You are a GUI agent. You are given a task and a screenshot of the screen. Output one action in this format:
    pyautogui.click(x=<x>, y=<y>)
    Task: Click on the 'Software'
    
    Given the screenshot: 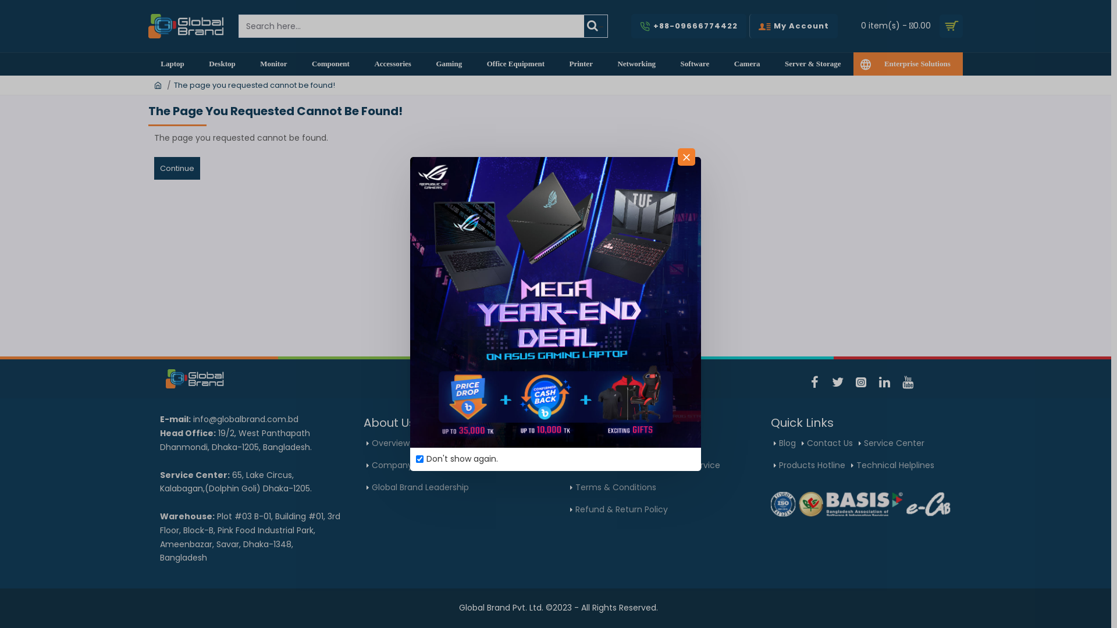 What is the action you would take?
    pyautogui.click(x=667, y=64)
    